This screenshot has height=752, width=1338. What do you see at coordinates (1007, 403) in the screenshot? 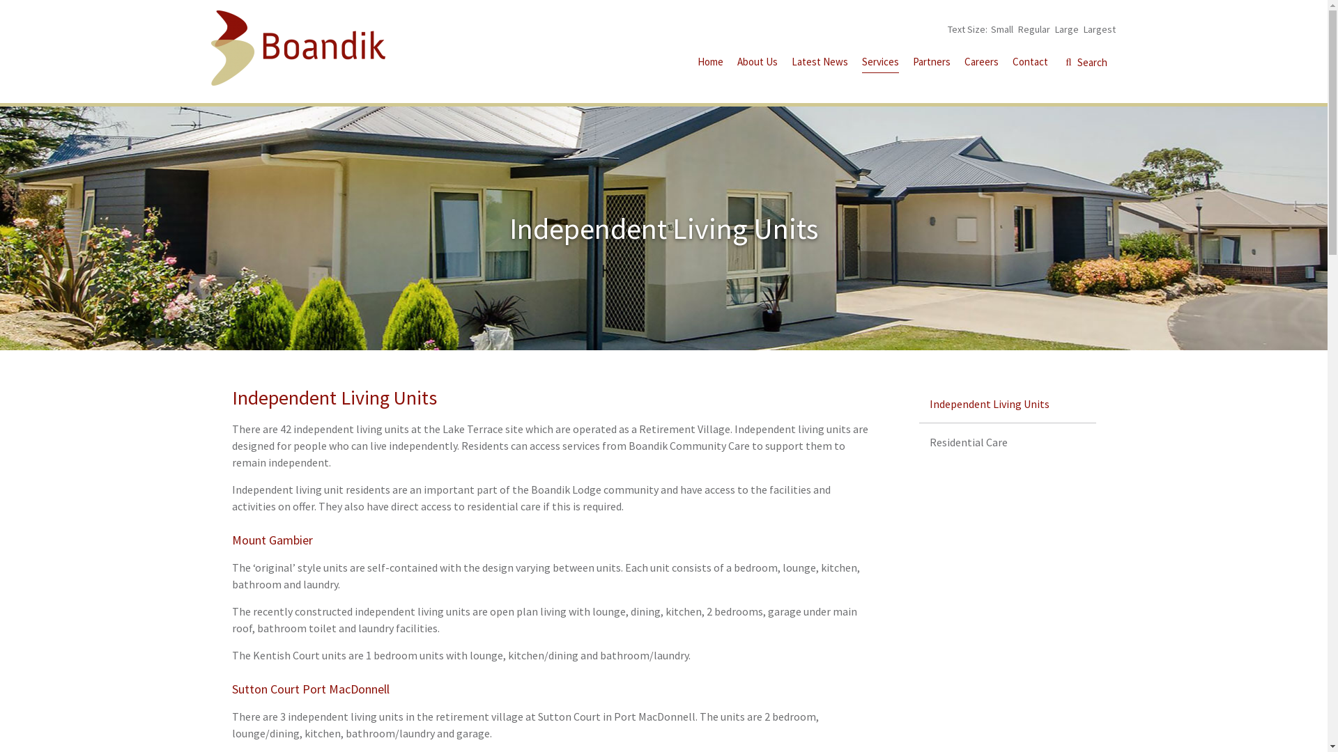
I see `'Independent Living Units'` at bounding box center [1007, 403].